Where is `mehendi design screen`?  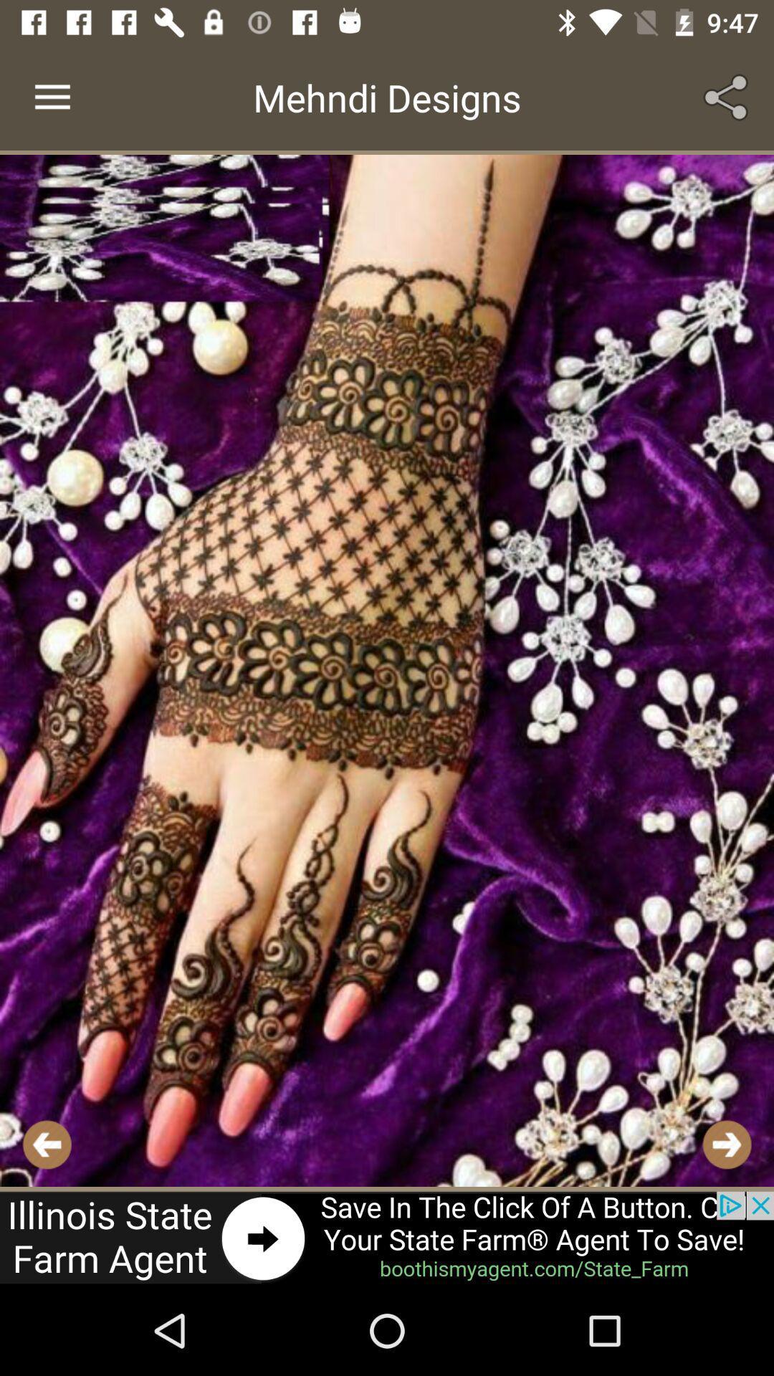 mehendi design screen is located at coordinates (387, 670).